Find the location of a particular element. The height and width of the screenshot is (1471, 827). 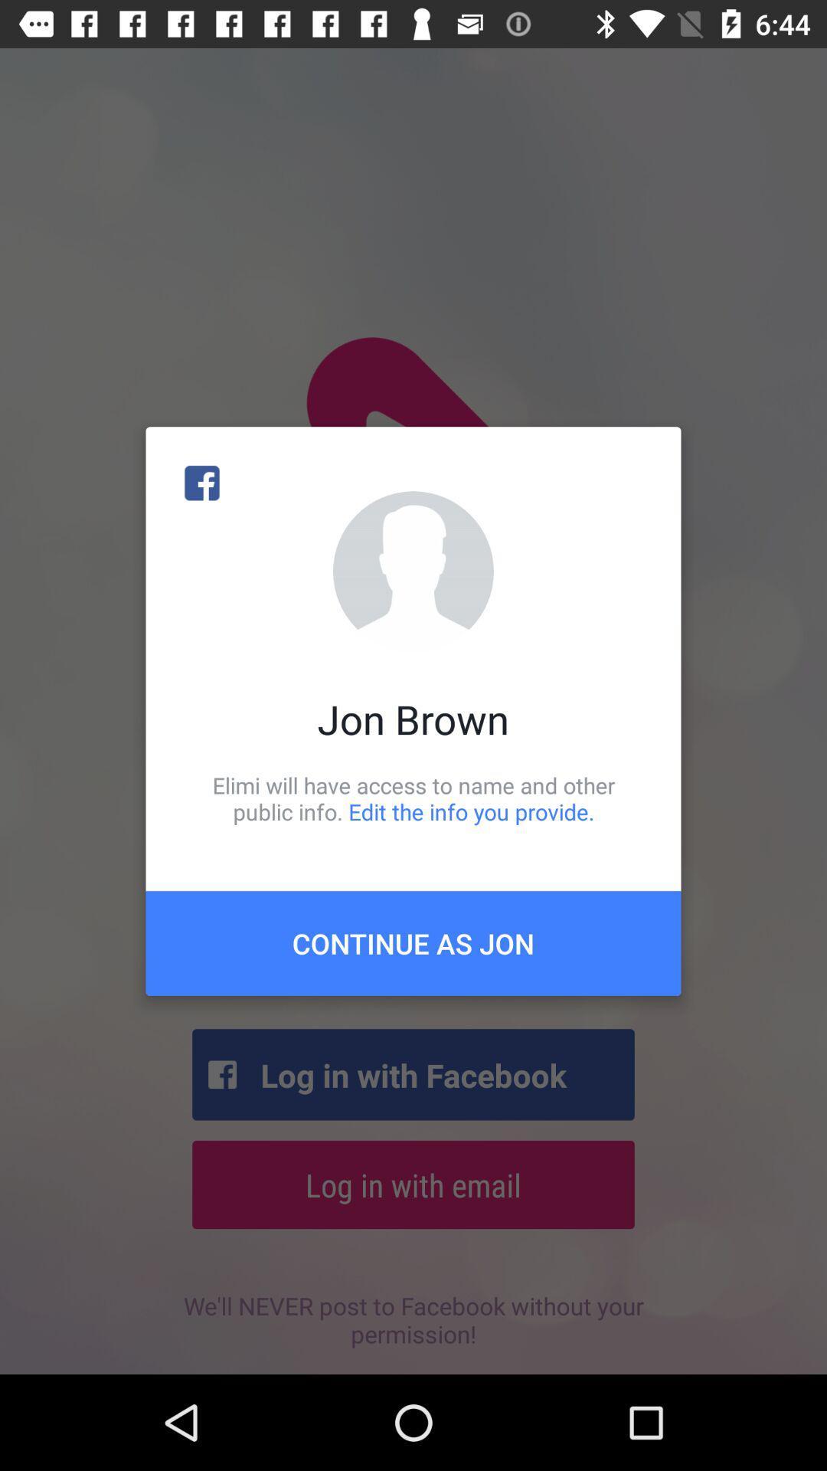

continue as jon is located at coordinates (413, 942).